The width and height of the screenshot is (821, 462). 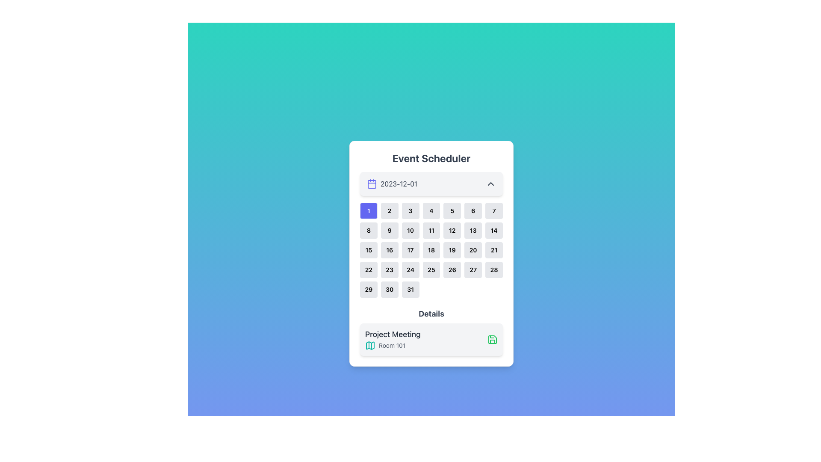 I want to click on the square button labeled '22' with a light gray background located in the fourth row and first column of the calendar matrix, so click(x=369, y=270).